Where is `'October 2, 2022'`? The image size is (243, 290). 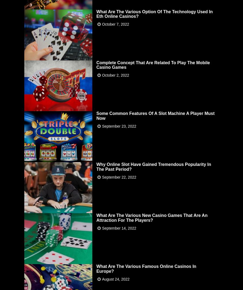 'October 2, 2022' is located at coordinates (115, 75).